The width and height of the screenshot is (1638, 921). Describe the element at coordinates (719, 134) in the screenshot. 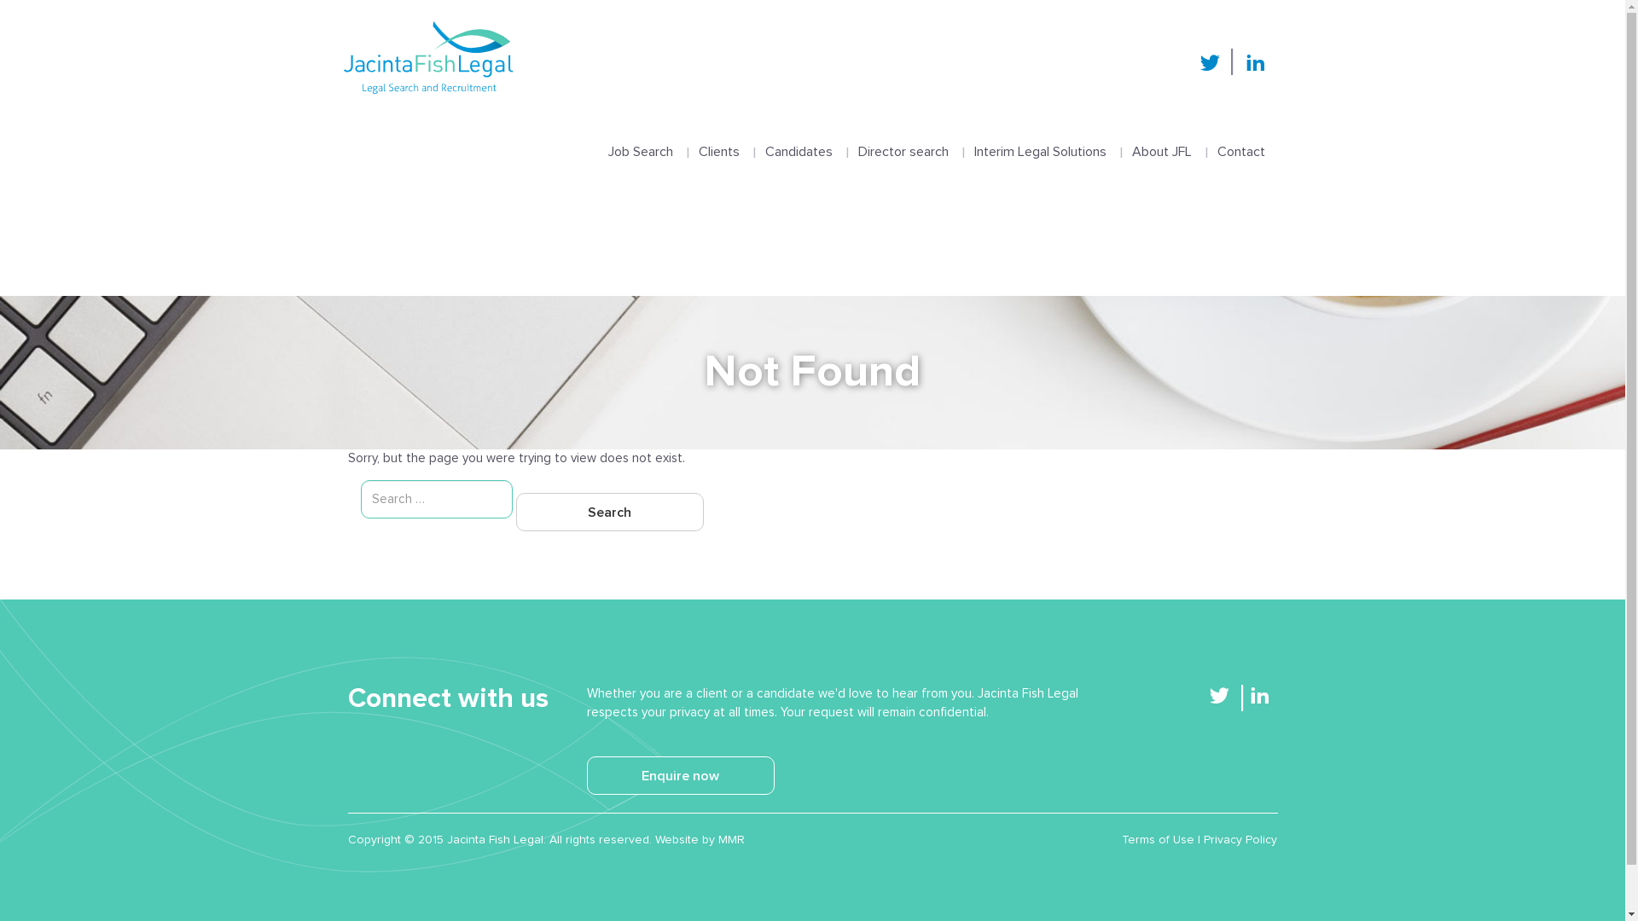

I see `'Clients'` at that location.